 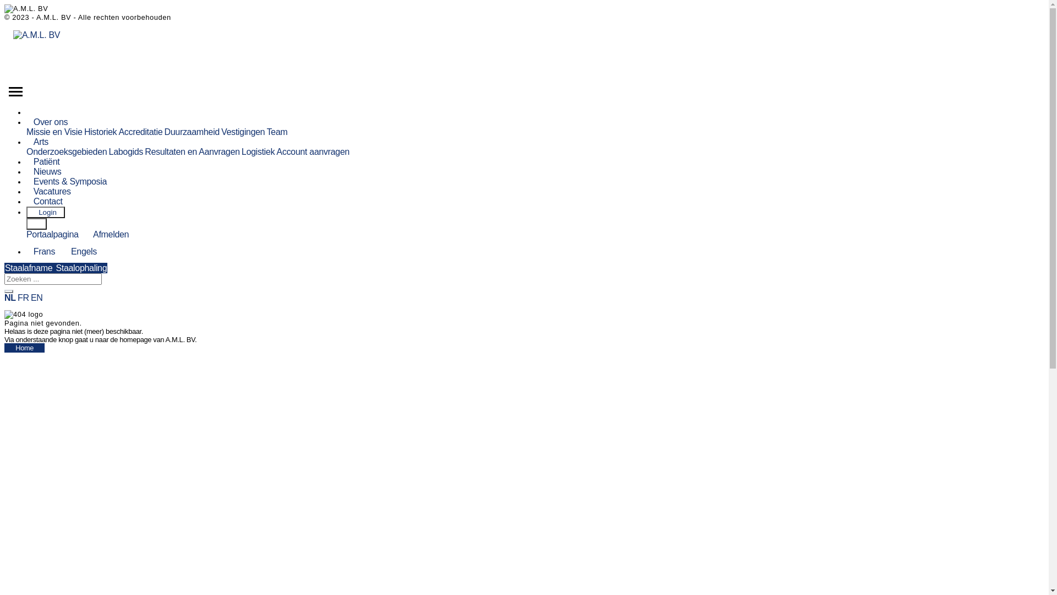 What do you see at coordinates (312, 152) in the screenshot?
I see `'Account aanvragen'` at bounding box center [312, 152].